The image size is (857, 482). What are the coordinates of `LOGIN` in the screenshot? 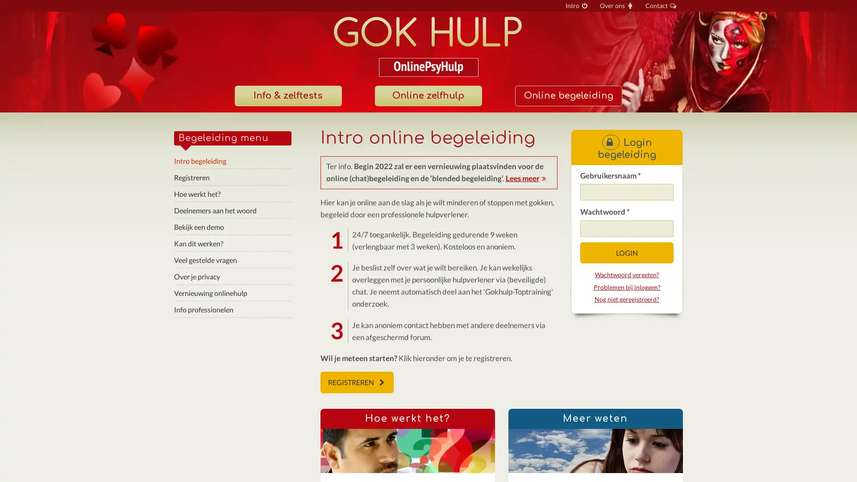 It's located at (626, 253).